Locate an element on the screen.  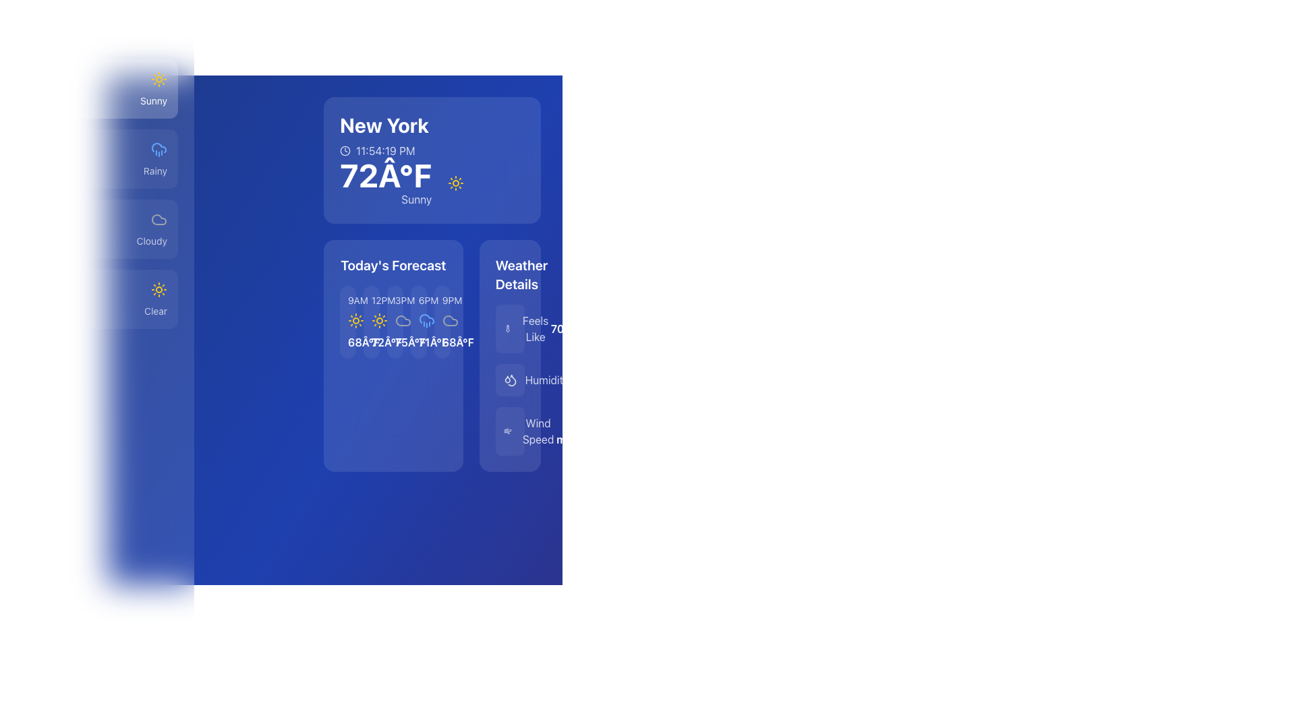
circular base of the SVG clock icon located in the upper left part of the clock icon displayed above the weather details in the sidebar section of the interface is located at coordinates (345, 150).